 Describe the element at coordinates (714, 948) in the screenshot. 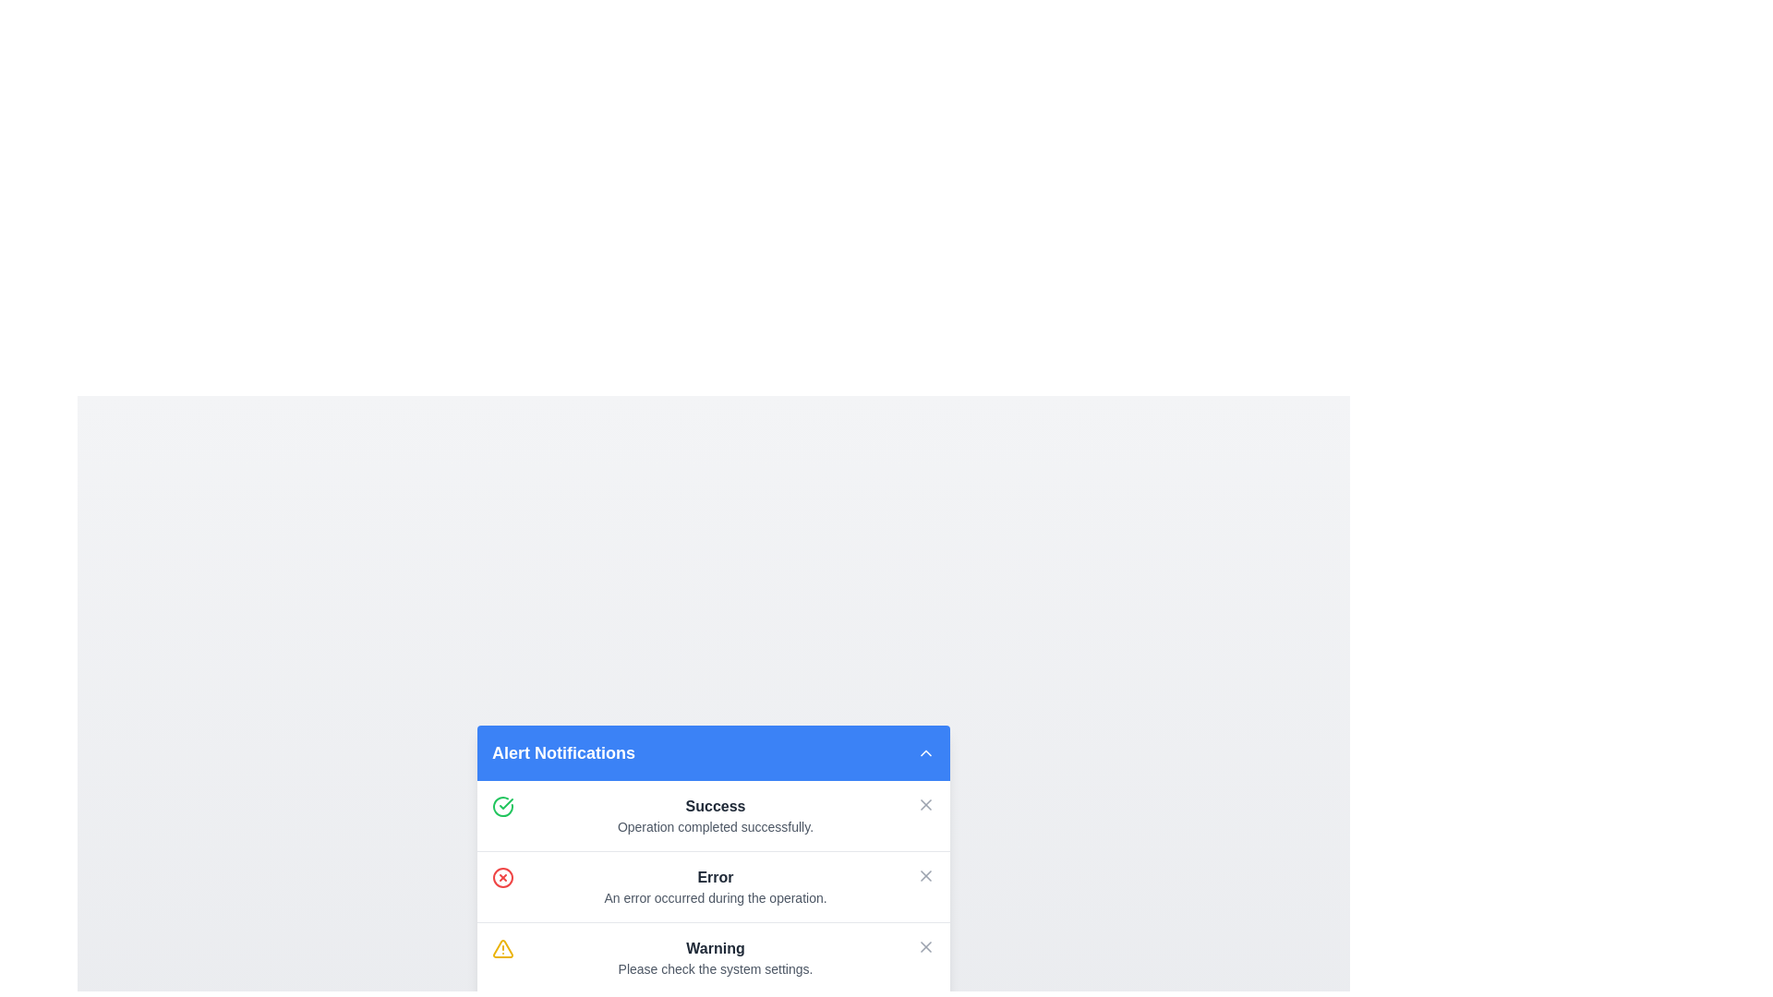

I see `bold text element displaying 'Warning' in dark gray color within the notification panel, which is part of a warning notification` at that location.